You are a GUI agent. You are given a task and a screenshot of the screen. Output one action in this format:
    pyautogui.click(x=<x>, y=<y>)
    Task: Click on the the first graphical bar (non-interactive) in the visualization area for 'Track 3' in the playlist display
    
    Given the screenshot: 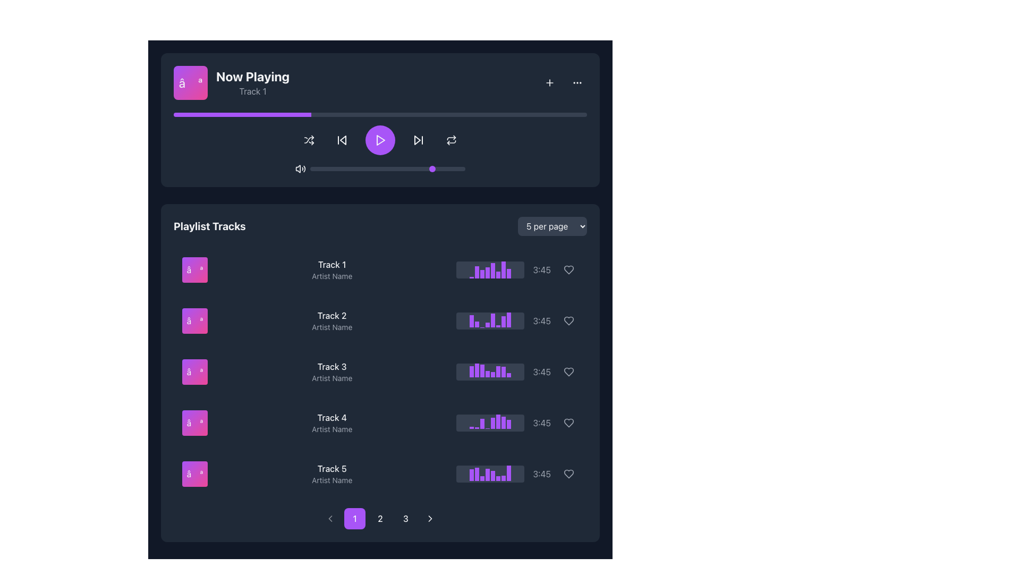 What is the action you would take?
    pyautogui.click(x=471, y=371)
    